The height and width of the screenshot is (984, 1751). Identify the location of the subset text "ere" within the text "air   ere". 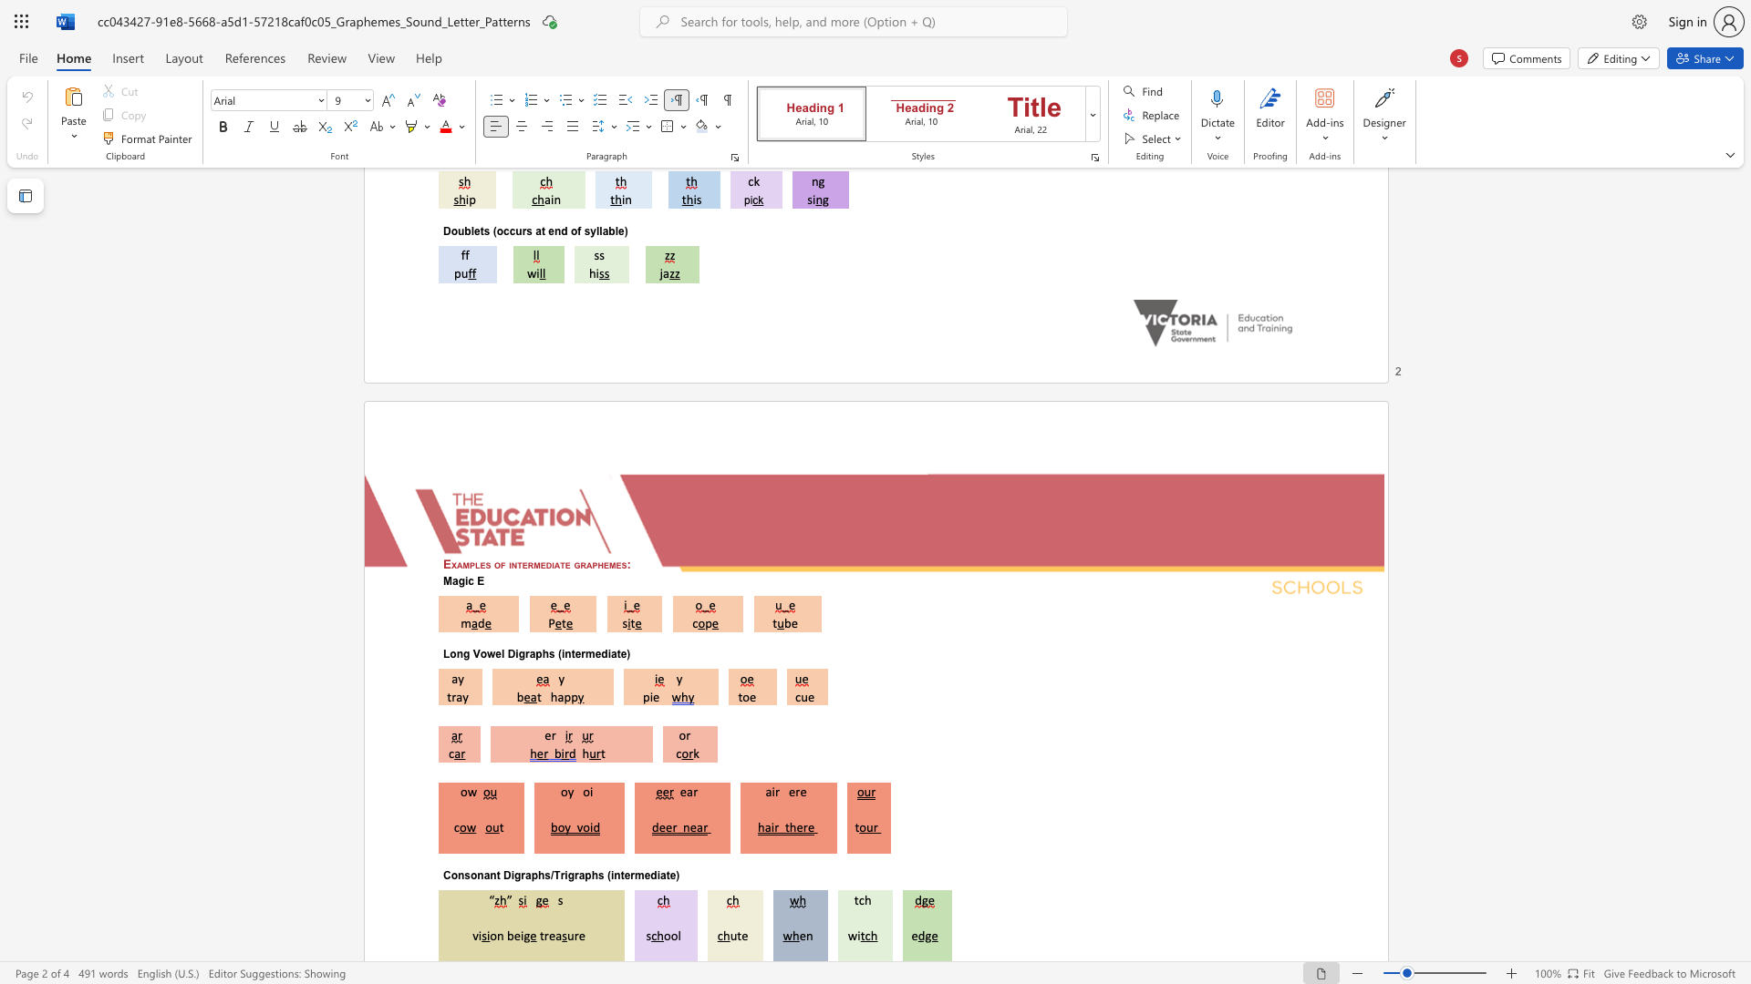
(788, 791).